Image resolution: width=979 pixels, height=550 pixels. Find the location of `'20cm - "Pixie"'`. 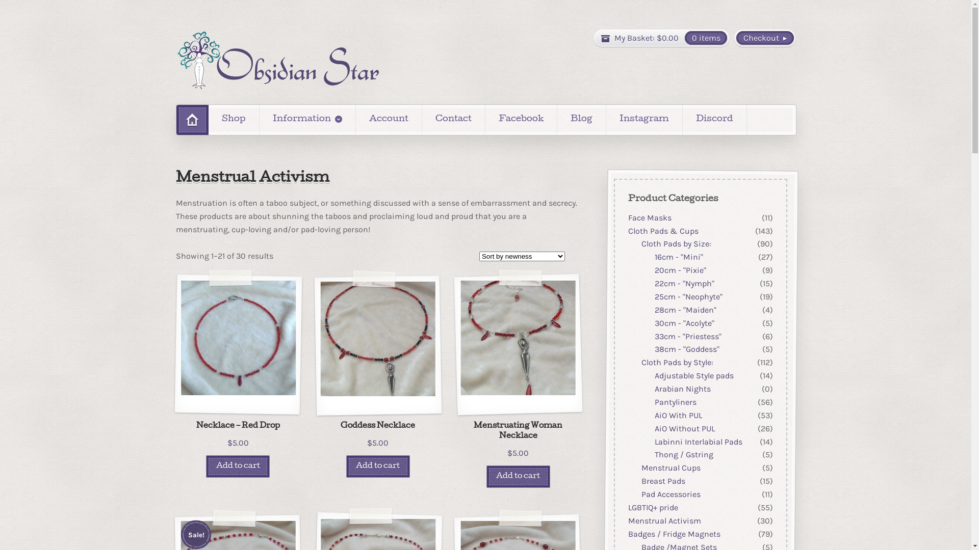

'20cm - "Pixie"' is located at coordinates (654, 269).